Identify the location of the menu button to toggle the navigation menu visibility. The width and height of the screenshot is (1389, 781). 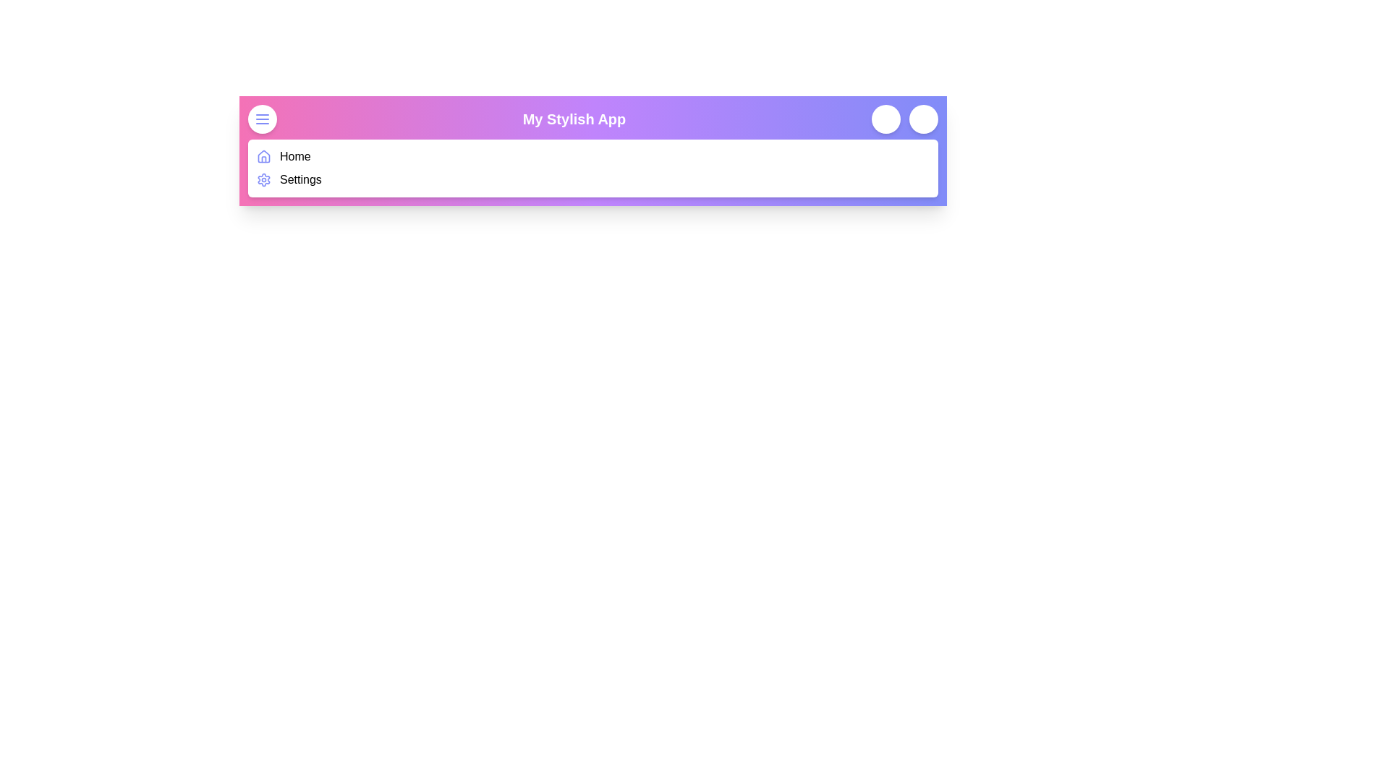
(263, 119).